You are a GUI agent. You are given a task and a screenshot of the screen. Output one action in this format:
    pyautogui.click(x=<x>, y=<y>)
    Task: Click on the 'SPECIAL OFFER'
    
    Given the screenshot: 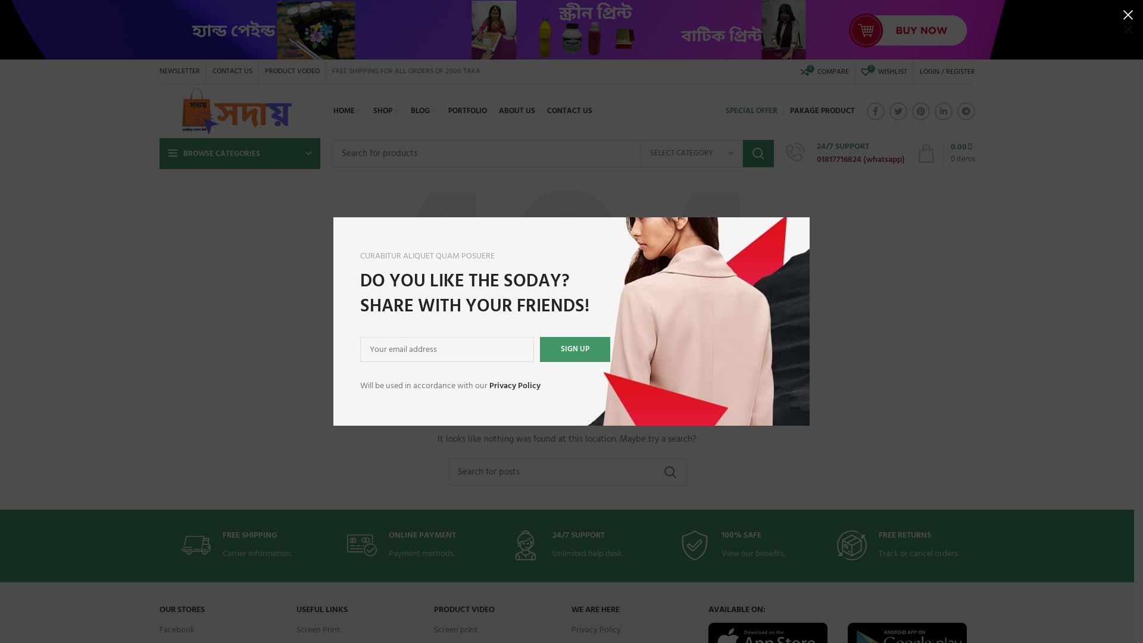 What is the action you would take?
    pyautogui.click(x=750, y=111)
    